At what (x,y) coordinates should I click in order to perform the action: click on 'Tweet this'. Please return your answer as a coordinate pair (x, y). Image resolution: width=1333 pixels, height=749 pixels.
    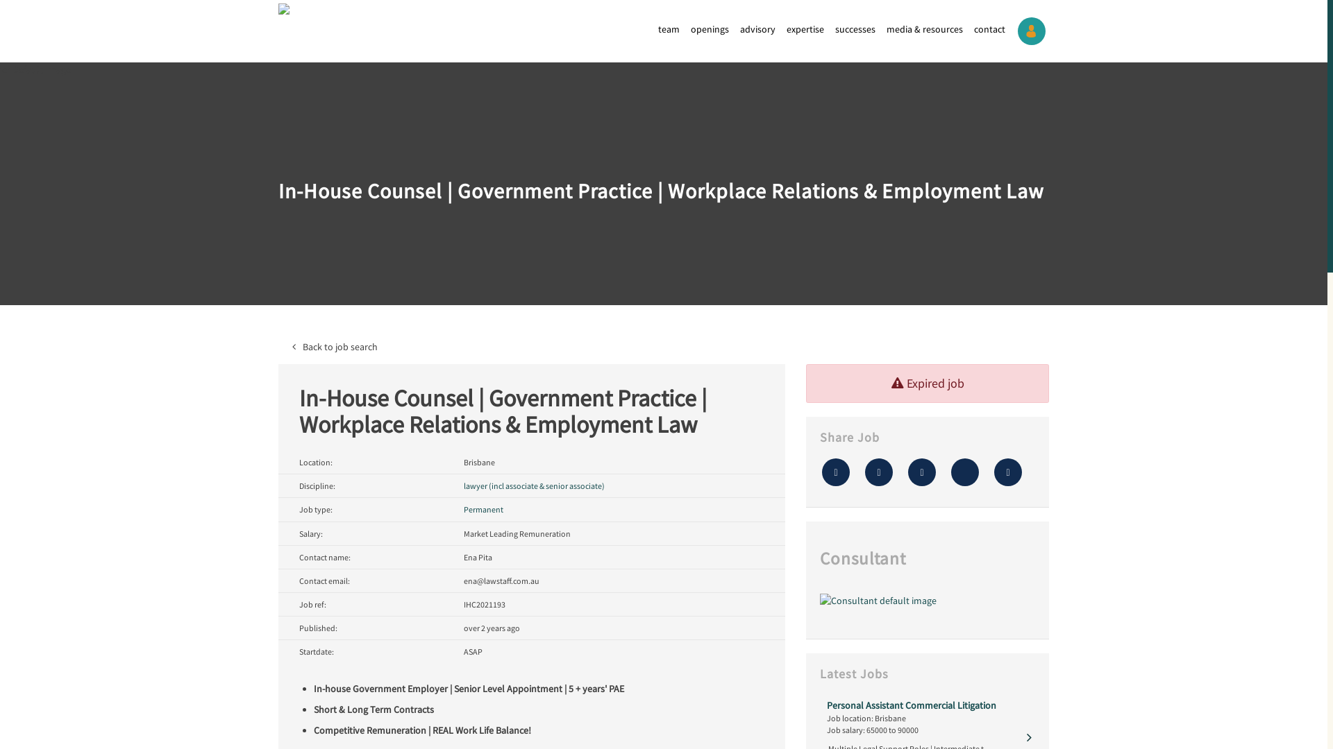
    Looking at the image, I should click on (878, 472).